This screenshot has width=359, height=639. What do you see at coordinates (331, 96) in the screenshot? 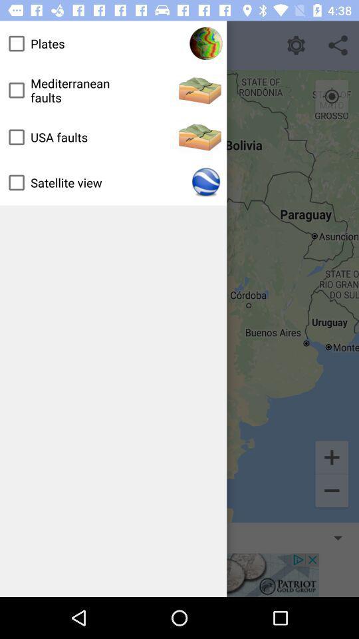
I see `the location_crosshair icon` at bounding box center [331, 96].